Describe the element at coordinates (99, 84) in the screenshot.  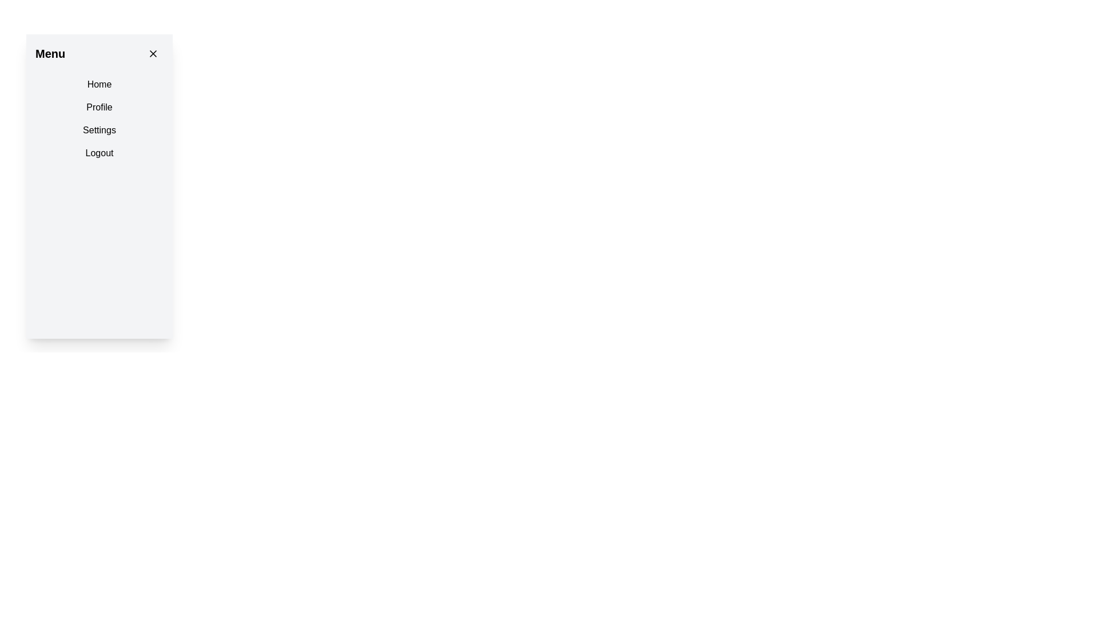
I see `the first item in the vertical menu under the 'Menu' header` at that location.